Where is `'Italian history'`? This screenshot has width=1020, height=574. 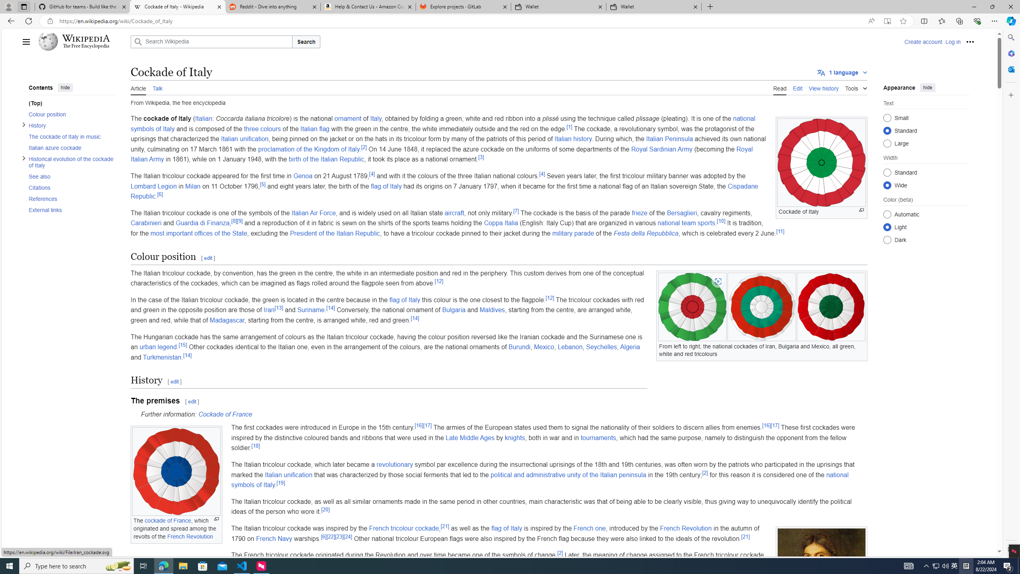 'Italian history' is located at coordinates (572, 139).